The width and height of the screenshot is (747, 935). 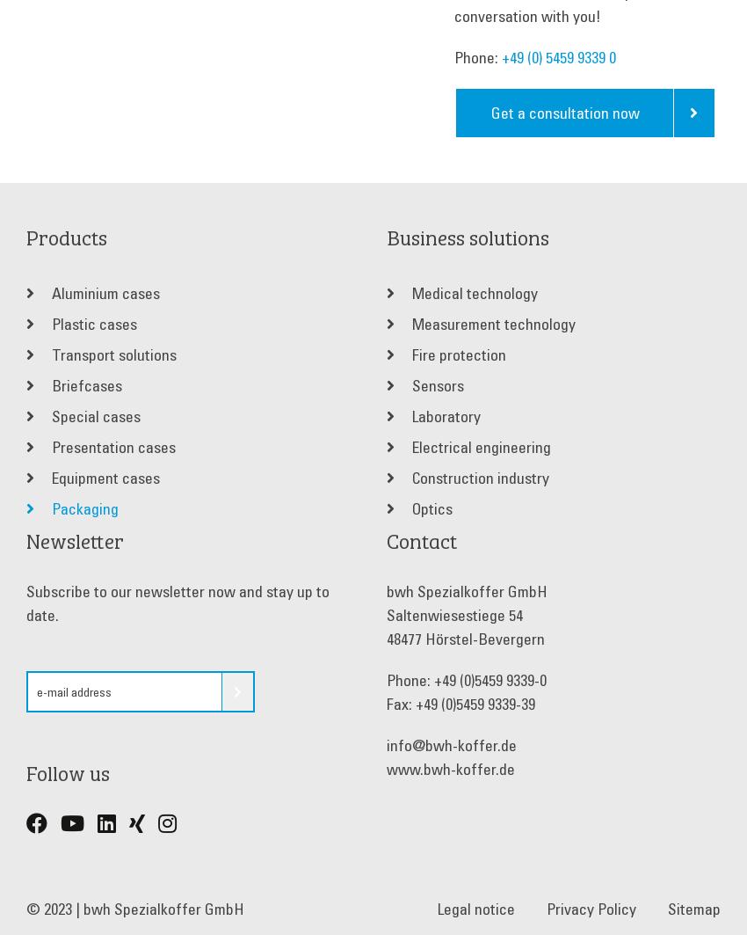 I want to click on 'www.bwh-koffer.de', so click(x=449, y=768).